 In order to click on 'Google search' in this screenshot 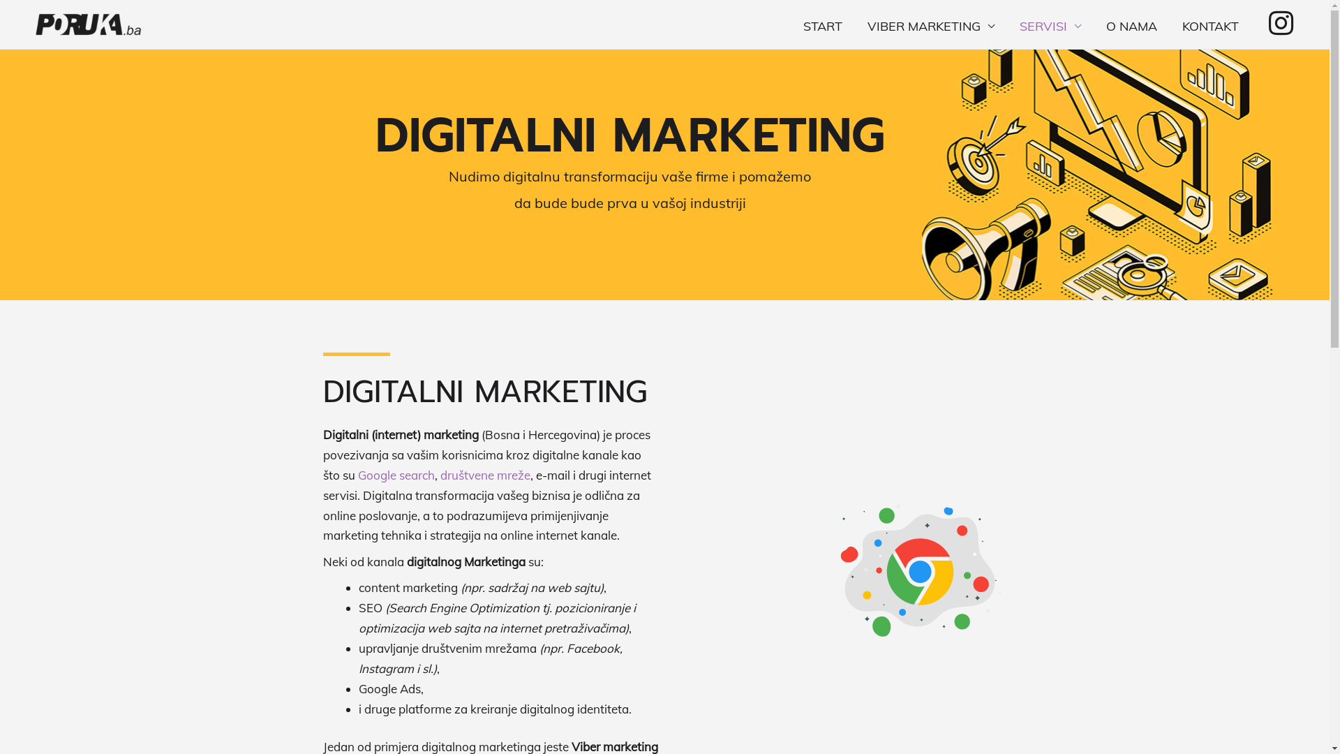, I will do `click(394, 474)`.